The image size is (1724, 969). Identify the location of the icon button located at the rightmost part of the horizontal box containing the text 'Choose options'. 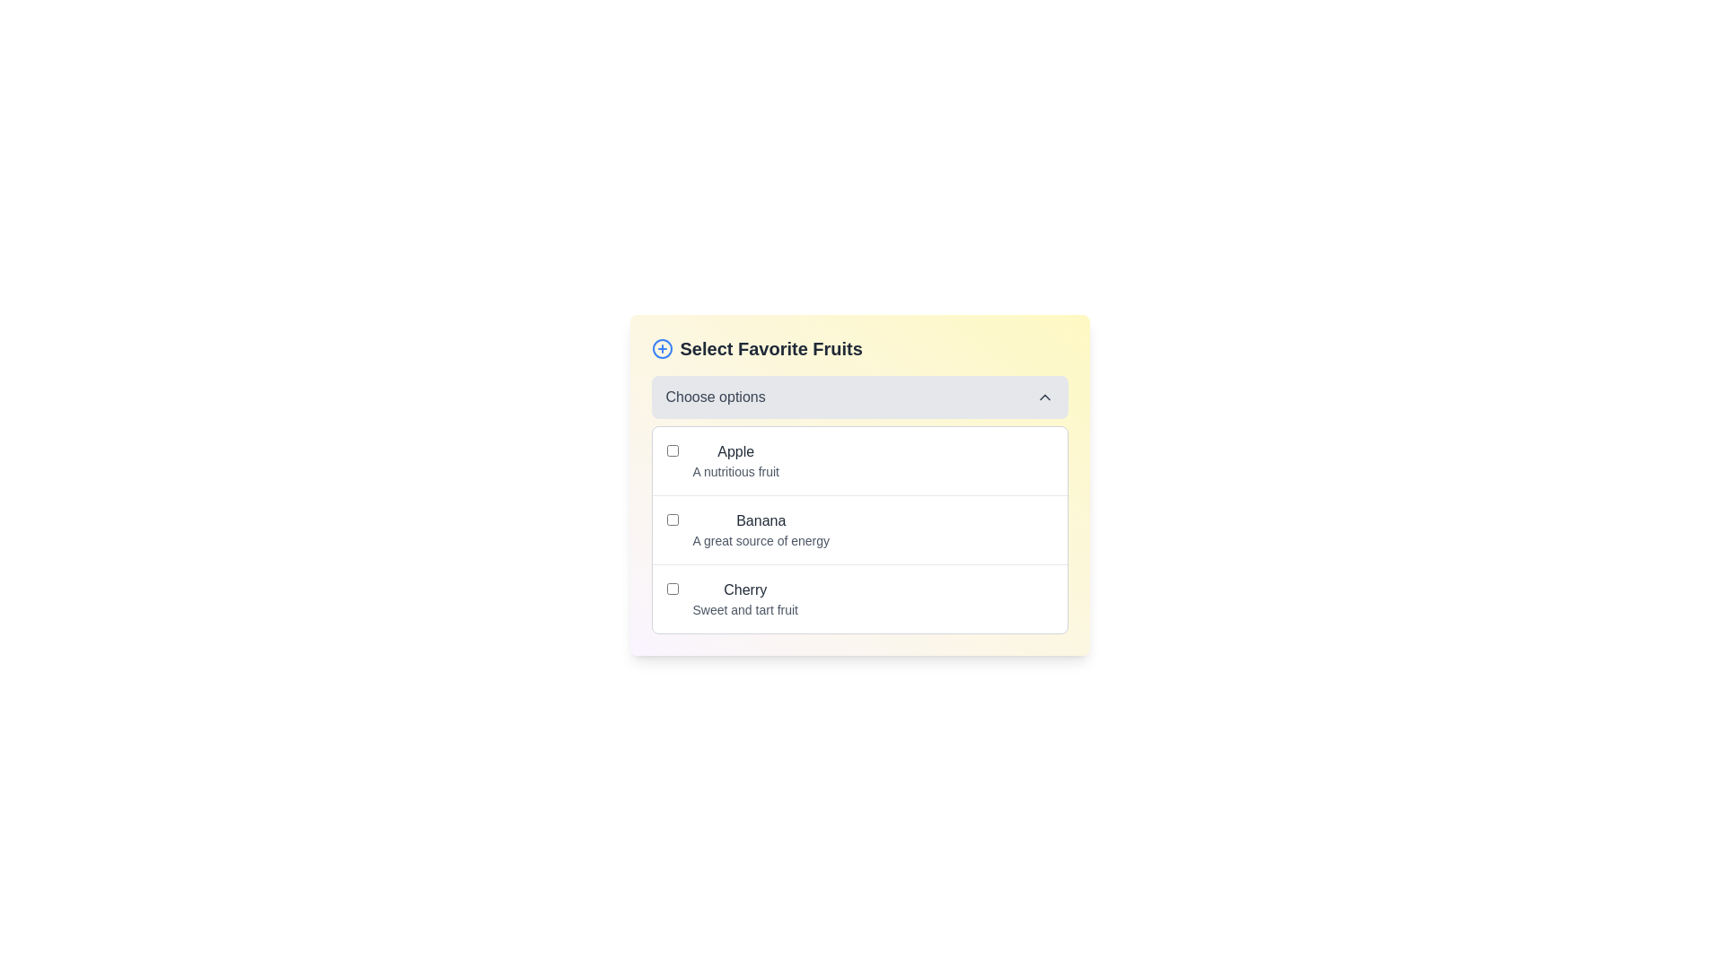
(1044, 397).